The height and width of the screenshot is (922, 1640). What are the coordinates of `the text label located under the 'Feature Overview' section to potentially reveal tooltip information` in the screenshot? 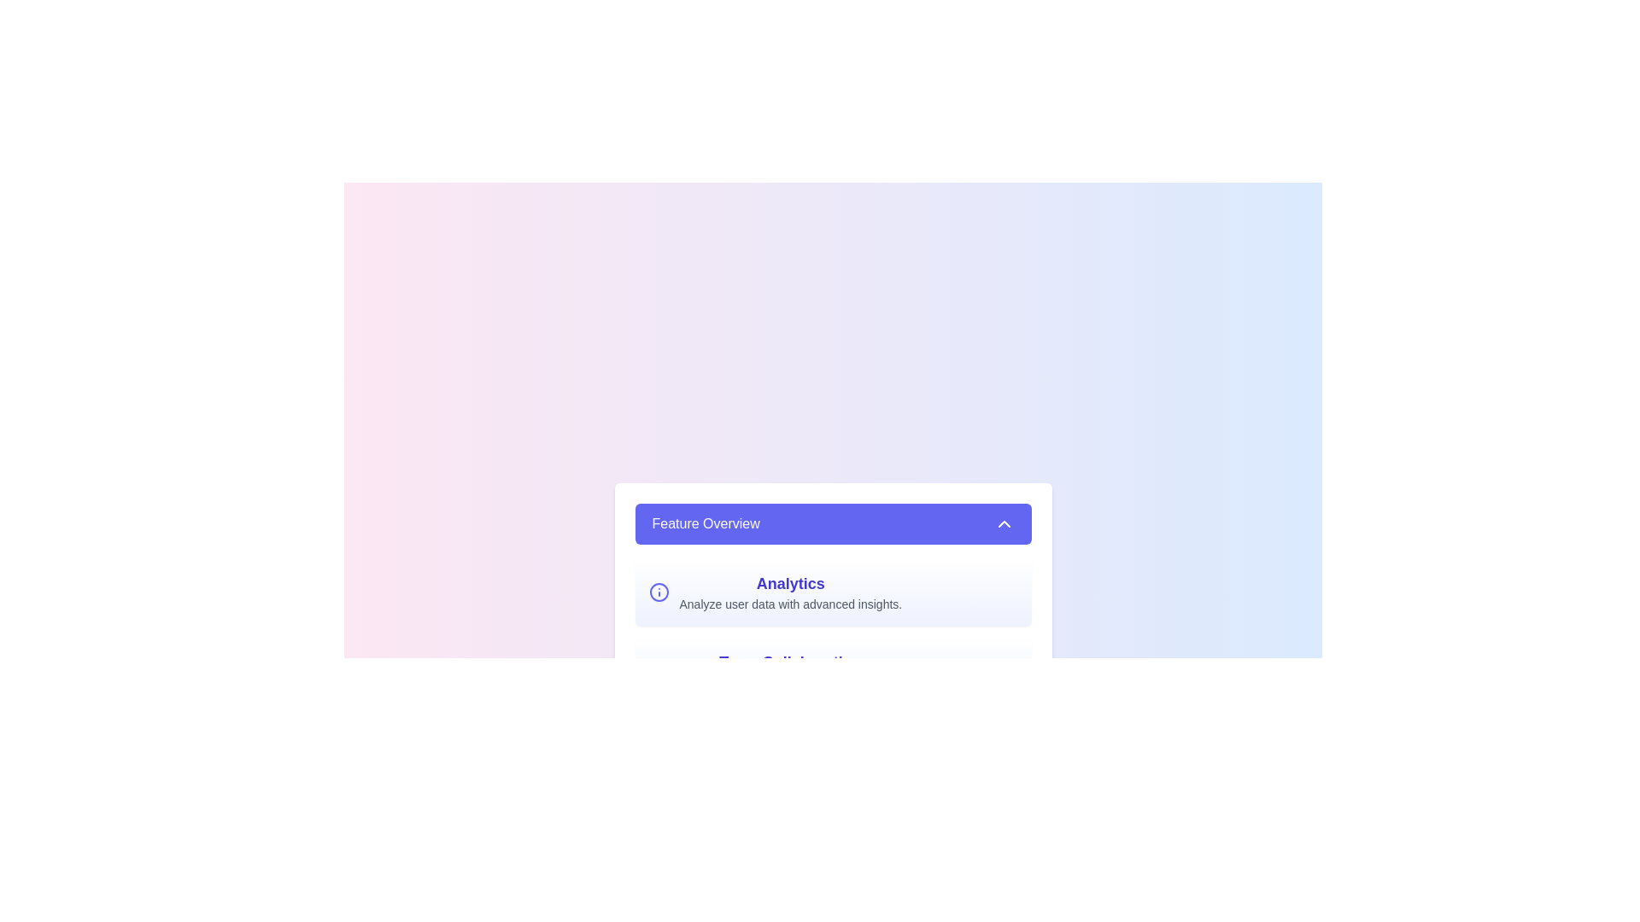 It's located at (789, 582).